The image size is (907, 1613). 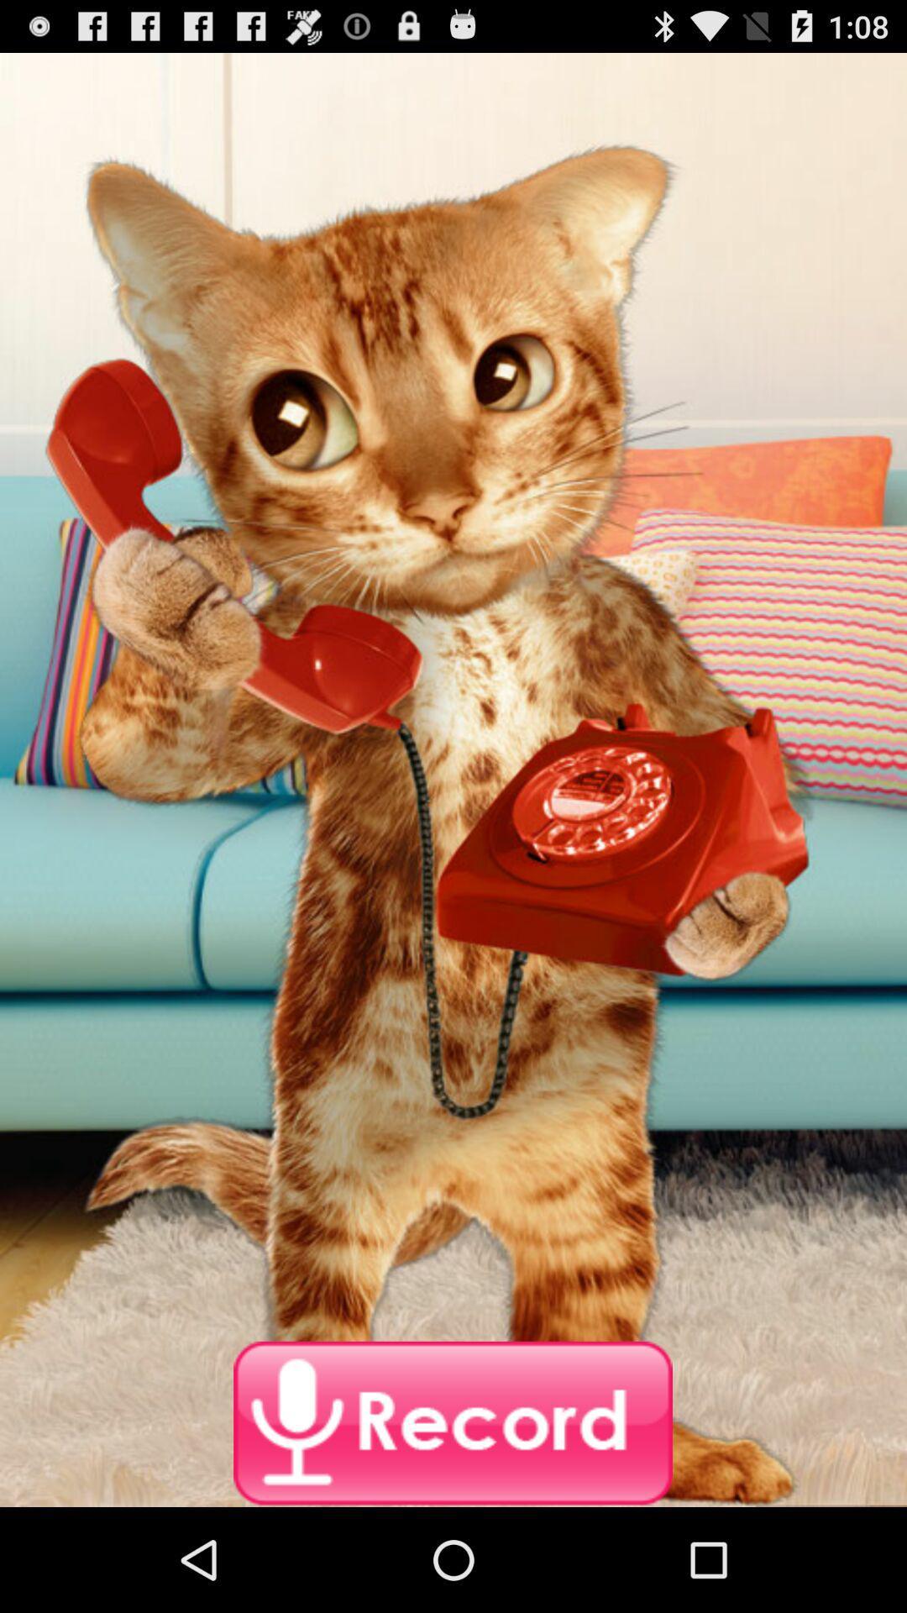 I want to click on record button, so click(x=452, y=1423).